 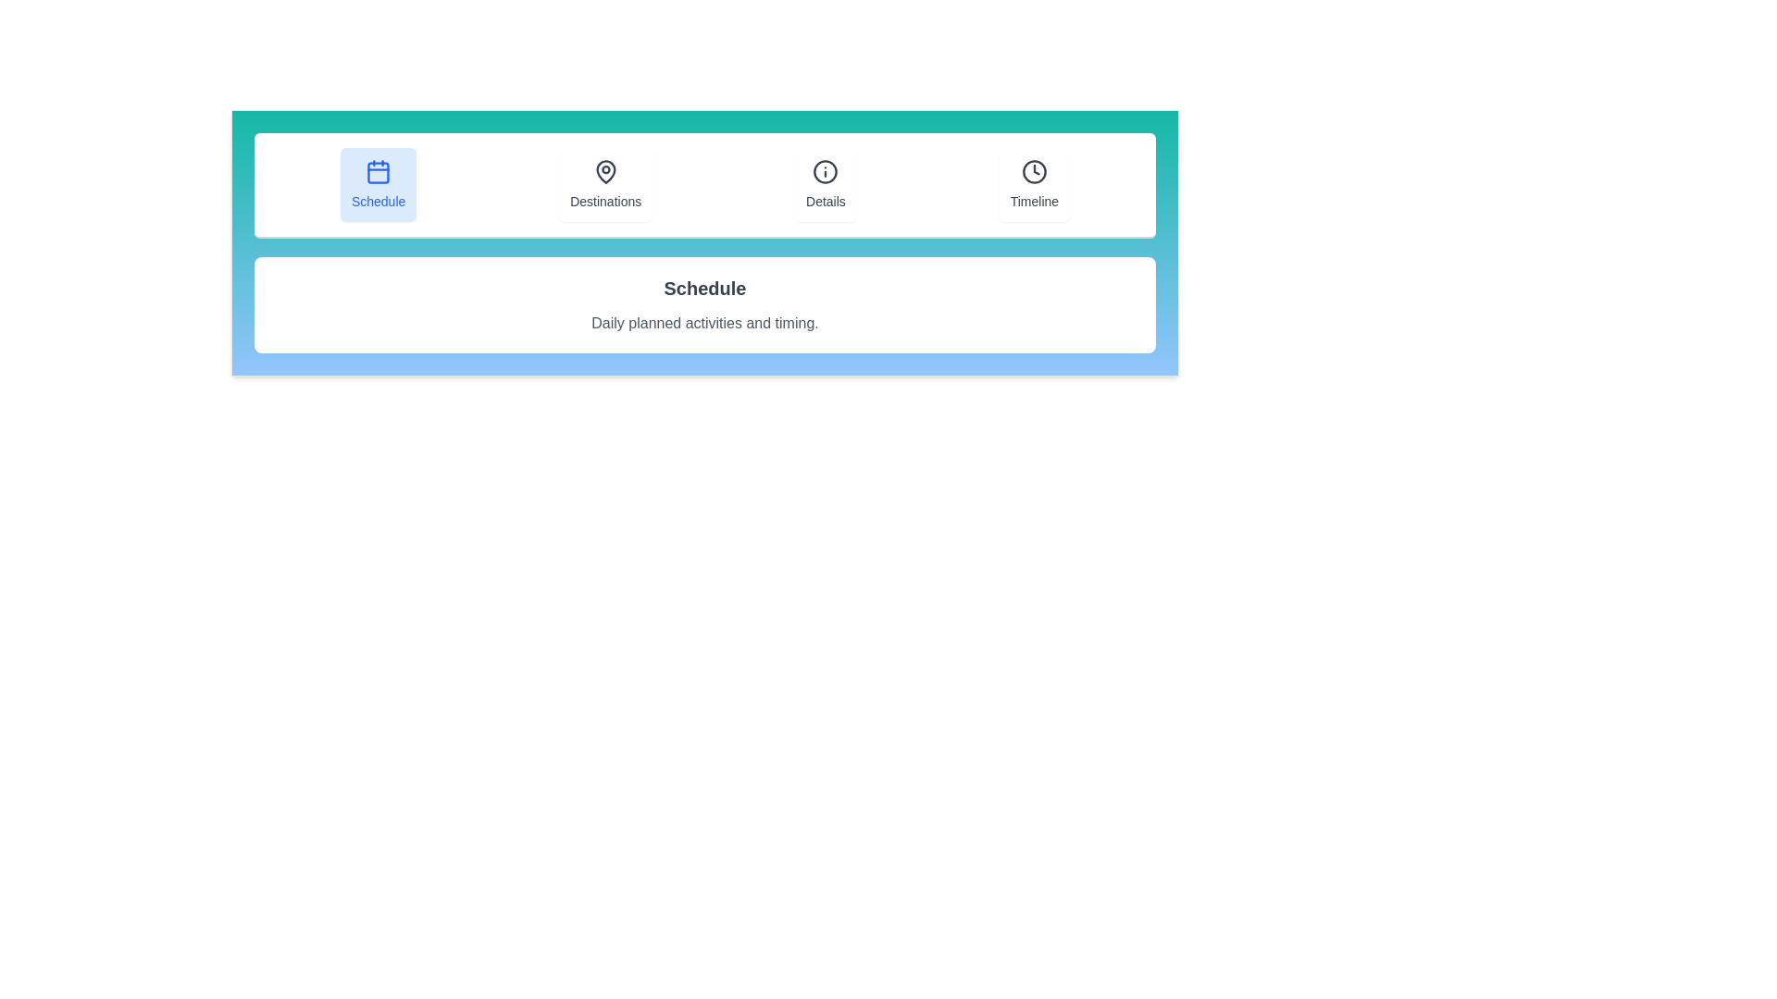 I want to click on the tab labeled Details, so click(x=825, y=185).